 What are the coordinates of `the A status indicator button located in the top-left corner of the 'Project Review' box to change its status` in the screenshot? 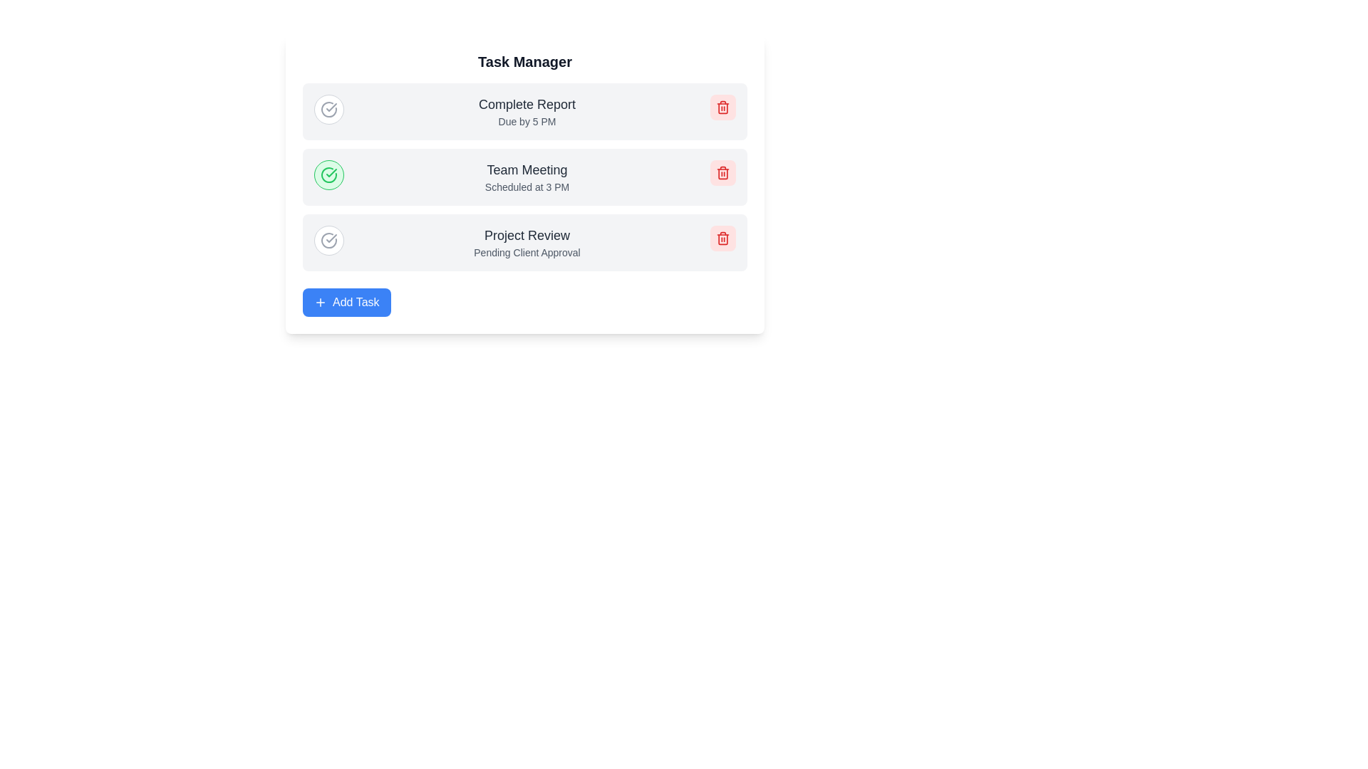 It's located at (328, 240).